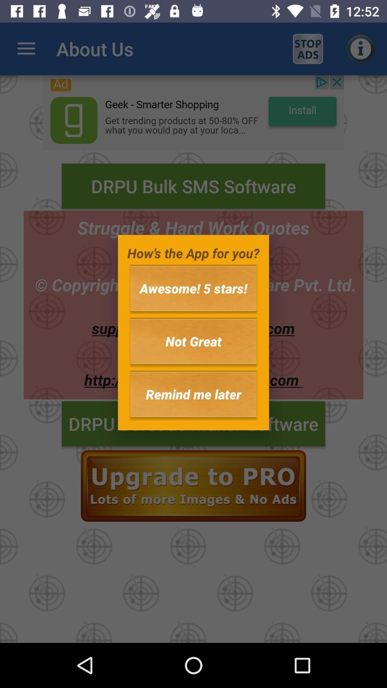 Image resolution: width=387 pixels, height=688 pixels. What do you see at coordinates (193, 288) in the screenshot?
I see `awesome! 5 stars! icon` at bounding box center [193, 288].